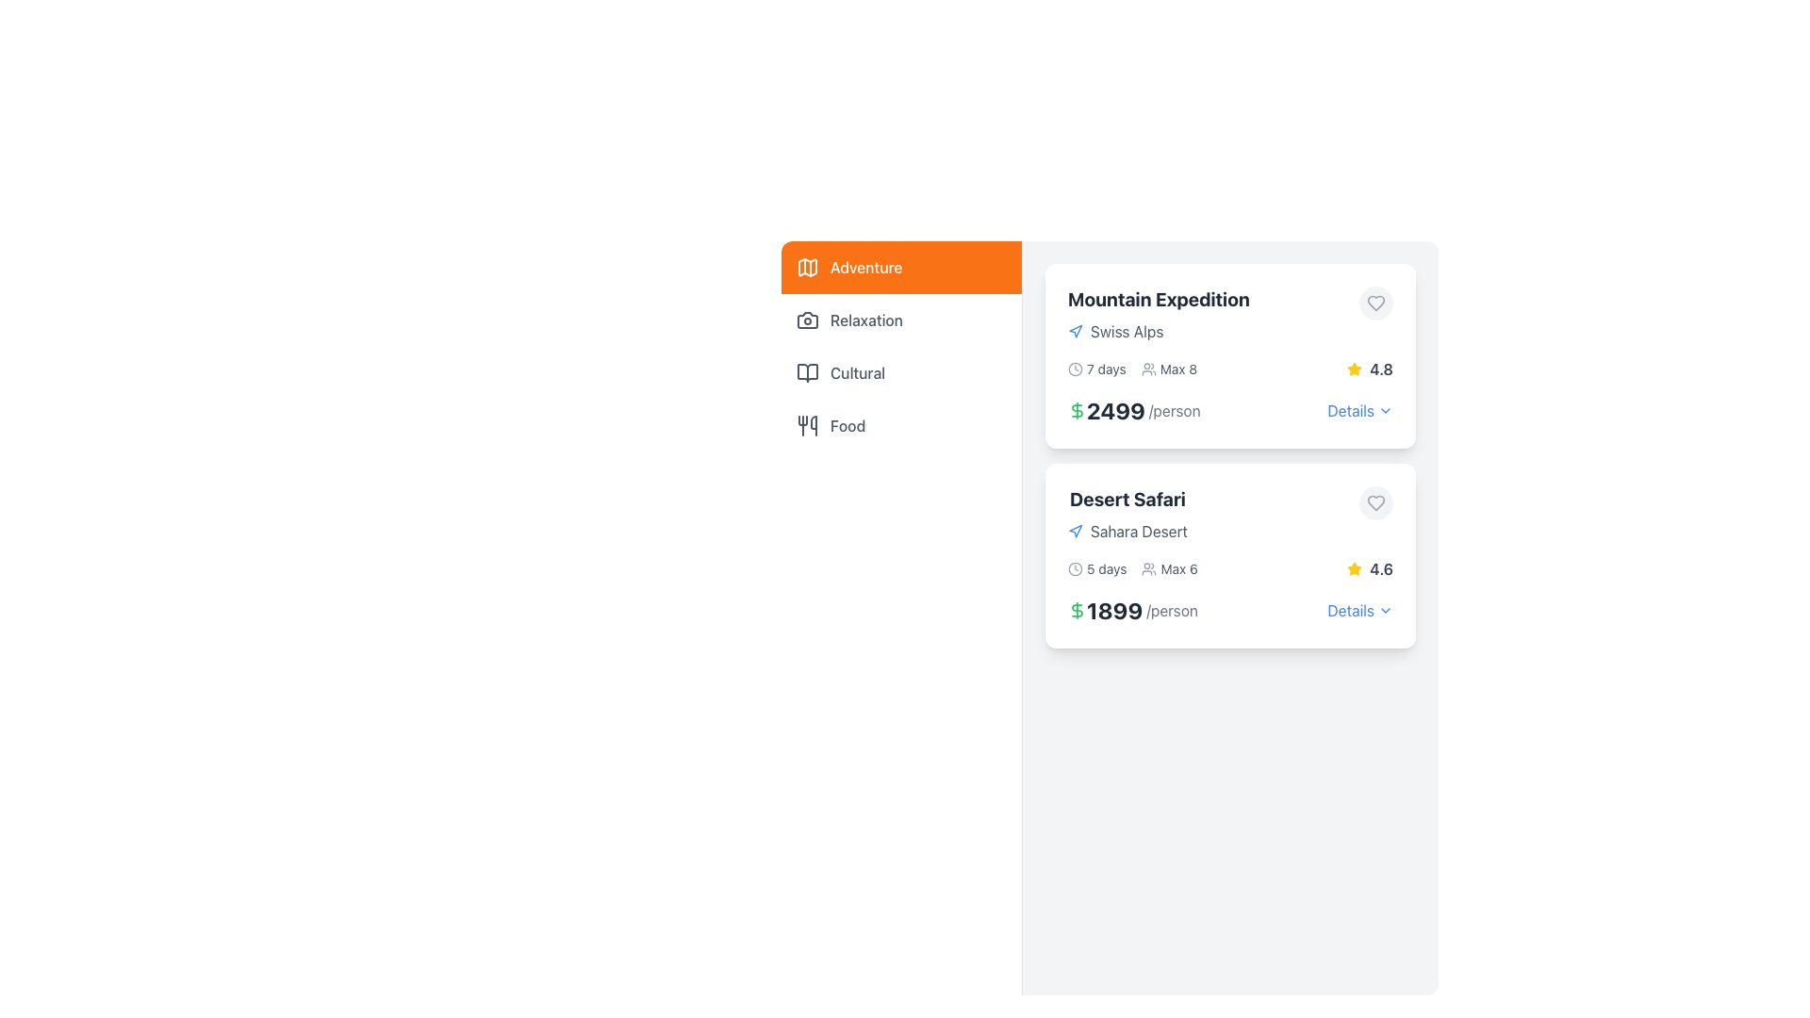  What do you see at coordinates (865, 319) in the screenshot?
I see `the 'Relaxation' text label in the vertical navigation menu` at bounding box center [865, 319].